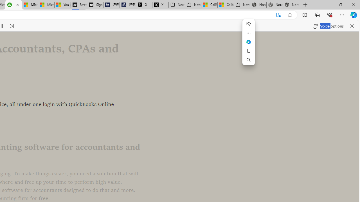 The image size is (360, 202). Describe the element at coordinates (279, 15) in the screenshot. I see `'Exit Immersive Reader (F9)'` at that location.